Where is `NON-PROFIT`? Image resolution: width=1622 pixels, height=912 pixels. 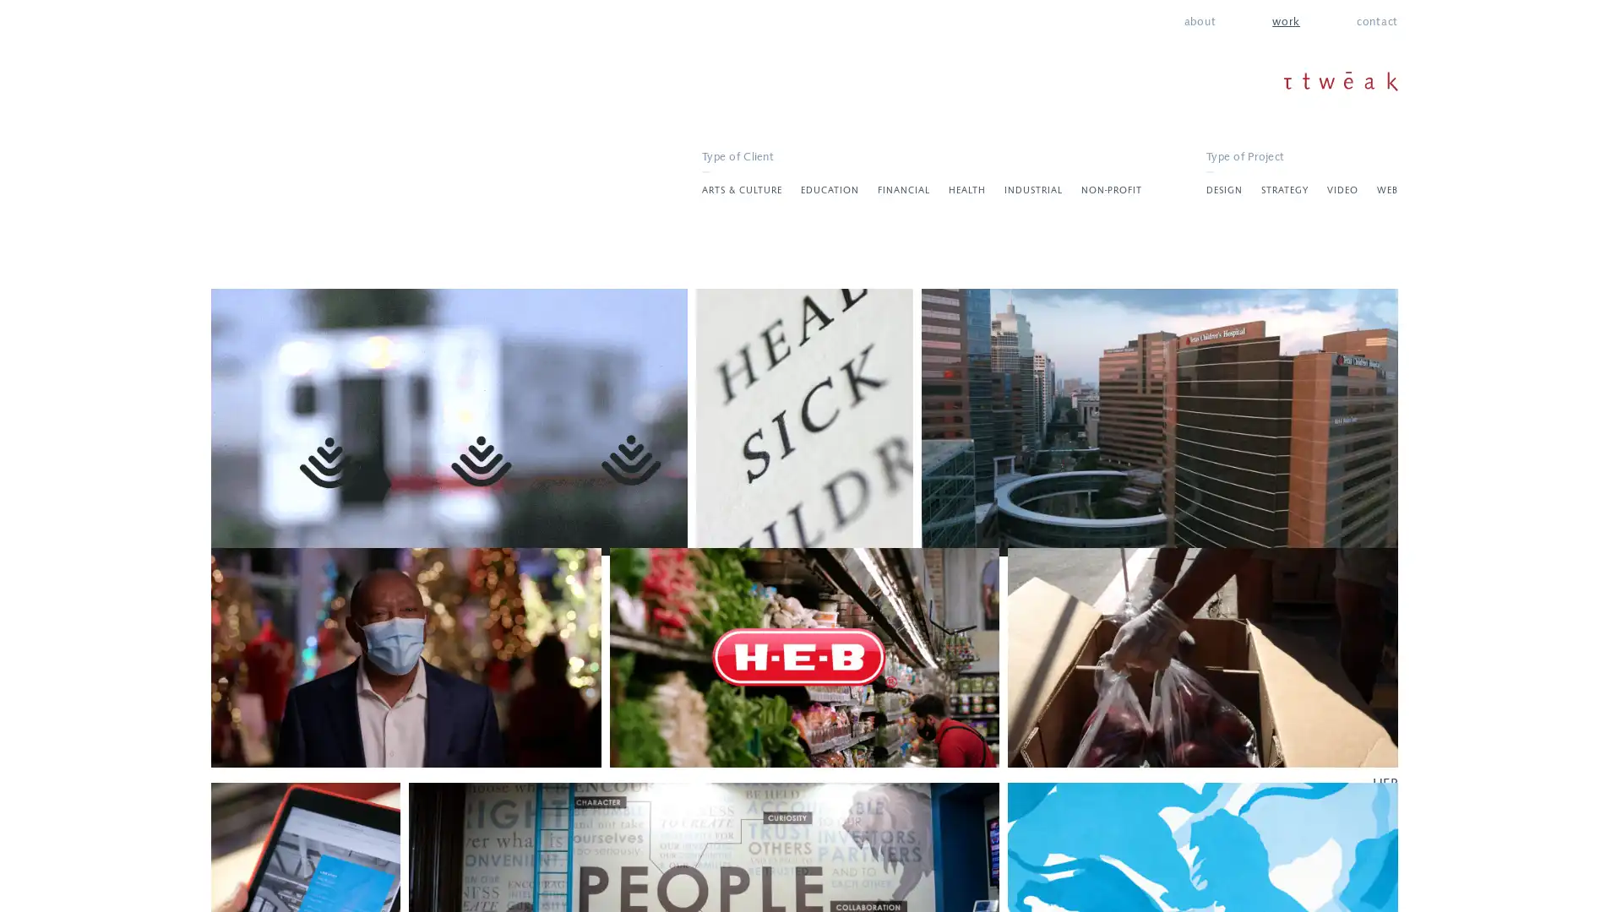 NON-PROFIT is located at coordinates (1111, 190).